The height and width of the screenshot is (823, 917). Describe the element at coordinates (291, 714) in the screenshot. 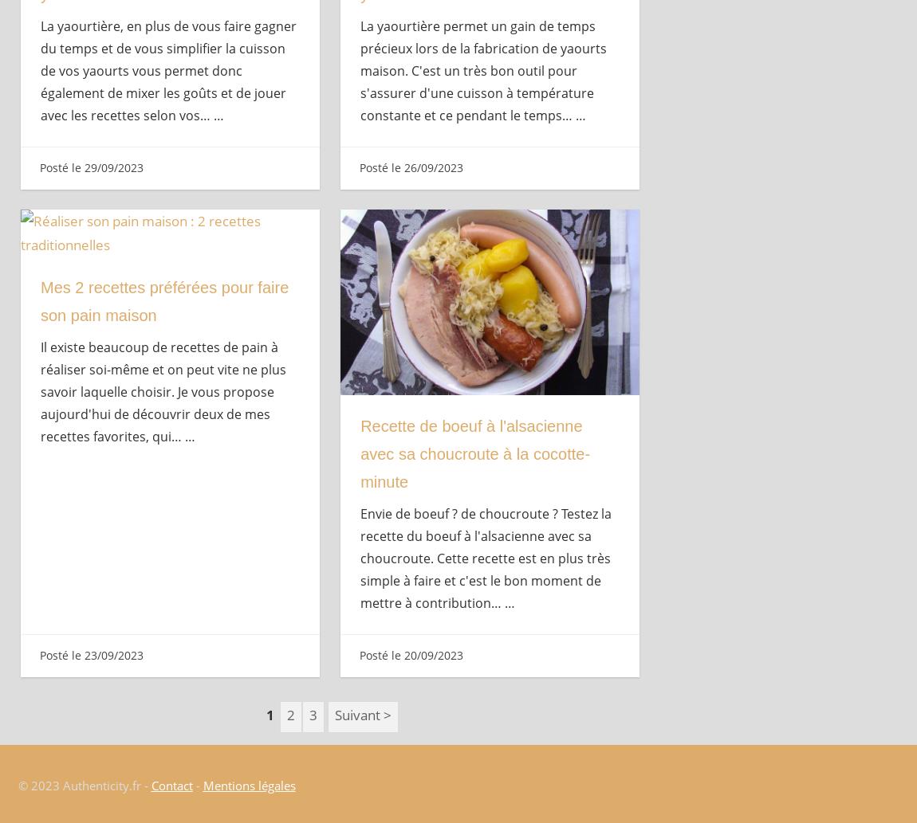

I see `'2'` at that location.